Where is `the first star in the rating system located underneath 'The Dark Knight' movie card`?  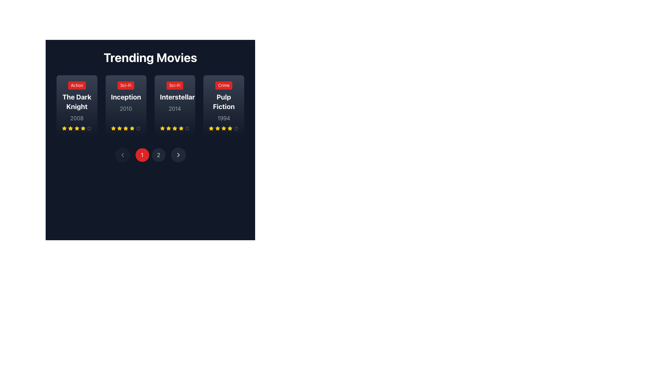 the first star in the rating system located underneath 'The Dark Knight' movie card is located at coordinates (64, 128).